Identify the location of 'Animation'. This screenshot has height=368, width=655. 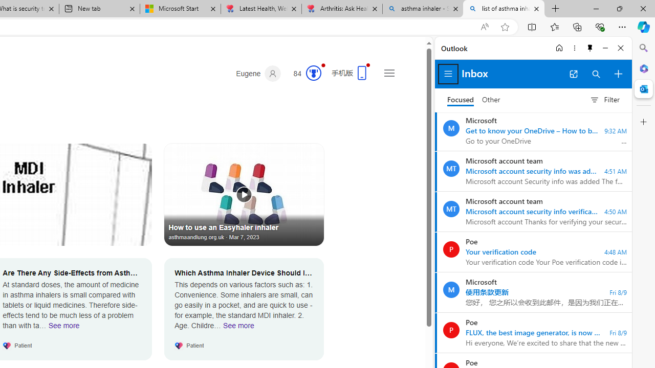
(323, 65).